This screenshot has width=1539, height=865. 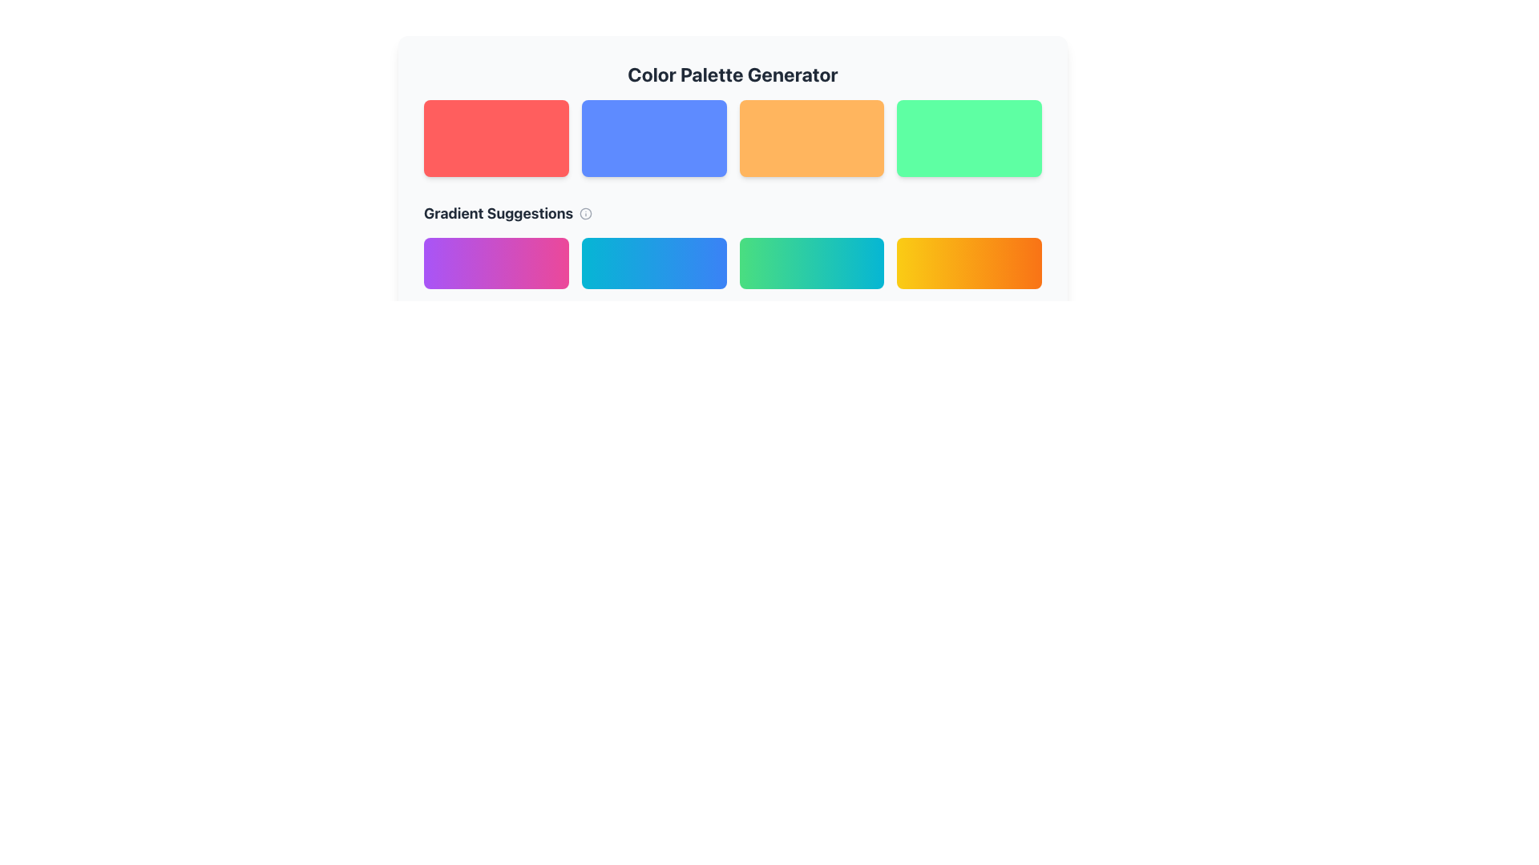 What do you see at coordinates (732, 138) in the screenshot?
I see `the colors in the color palette grid layout located under the 'Color Palette Generator' heading` at bounding box center [732, 138].